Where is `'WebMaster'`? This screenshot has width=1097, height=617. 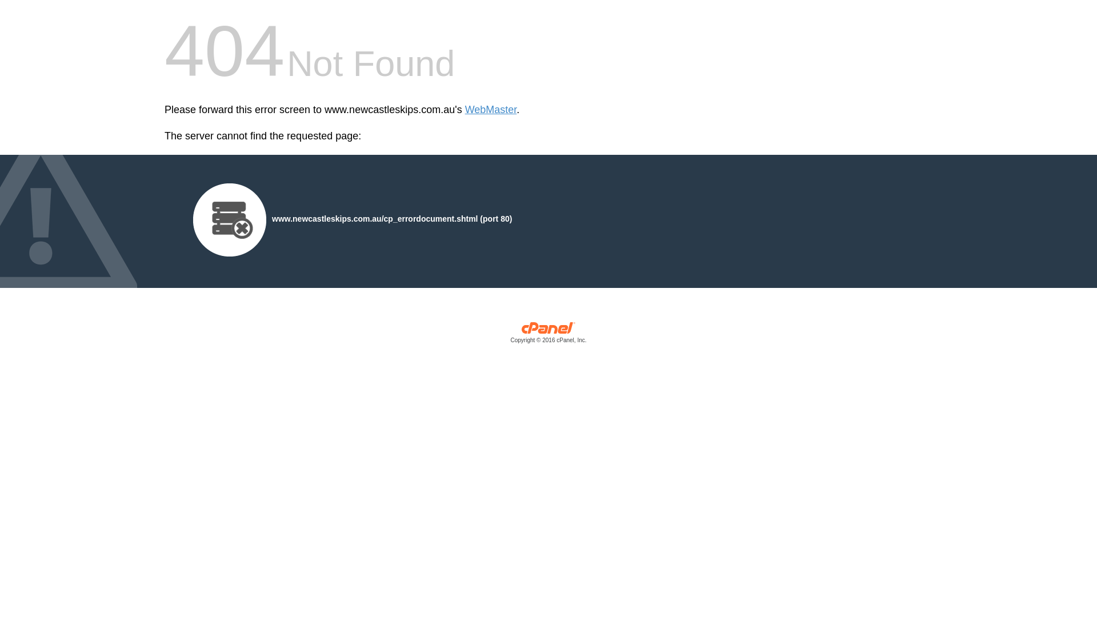 'WebMaster' is located at coordinates (465, 110).